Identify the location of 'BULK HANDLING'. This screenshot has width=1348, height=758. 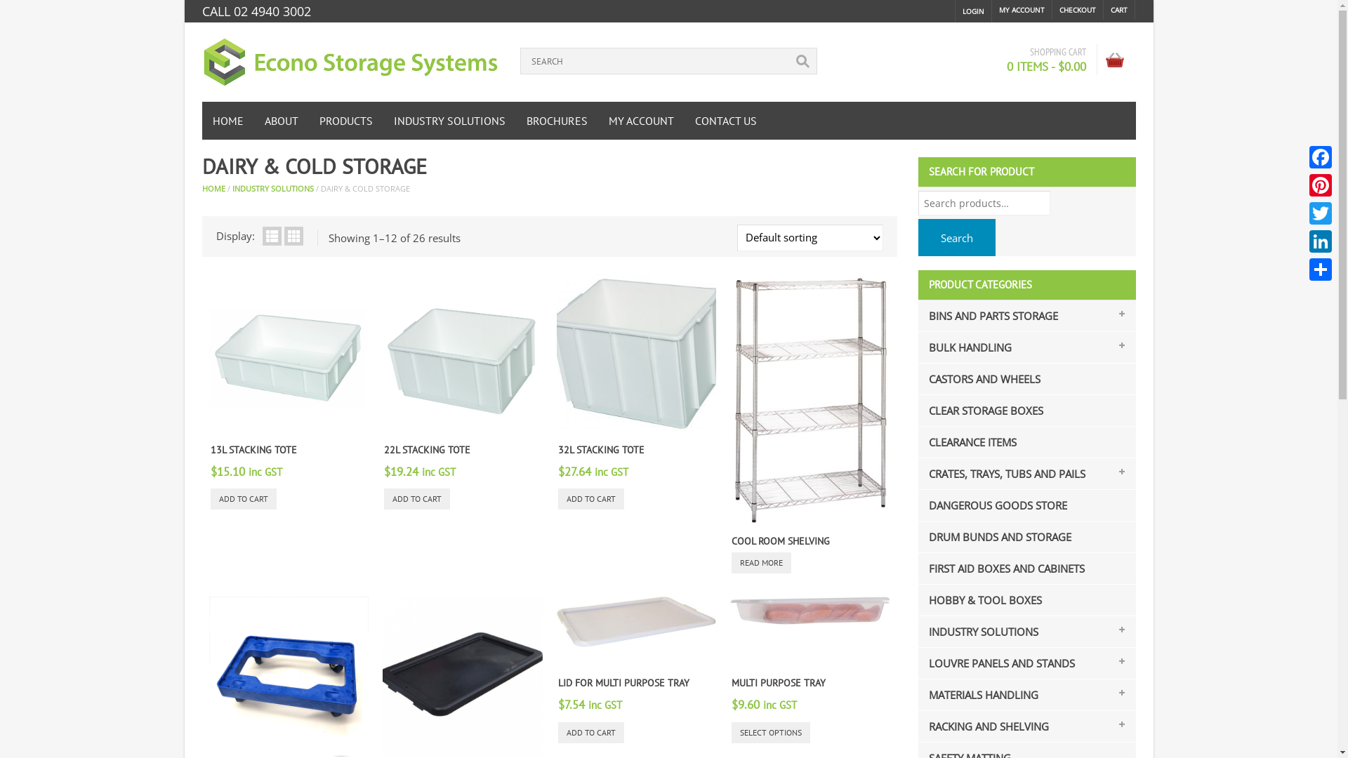
(965, 347).